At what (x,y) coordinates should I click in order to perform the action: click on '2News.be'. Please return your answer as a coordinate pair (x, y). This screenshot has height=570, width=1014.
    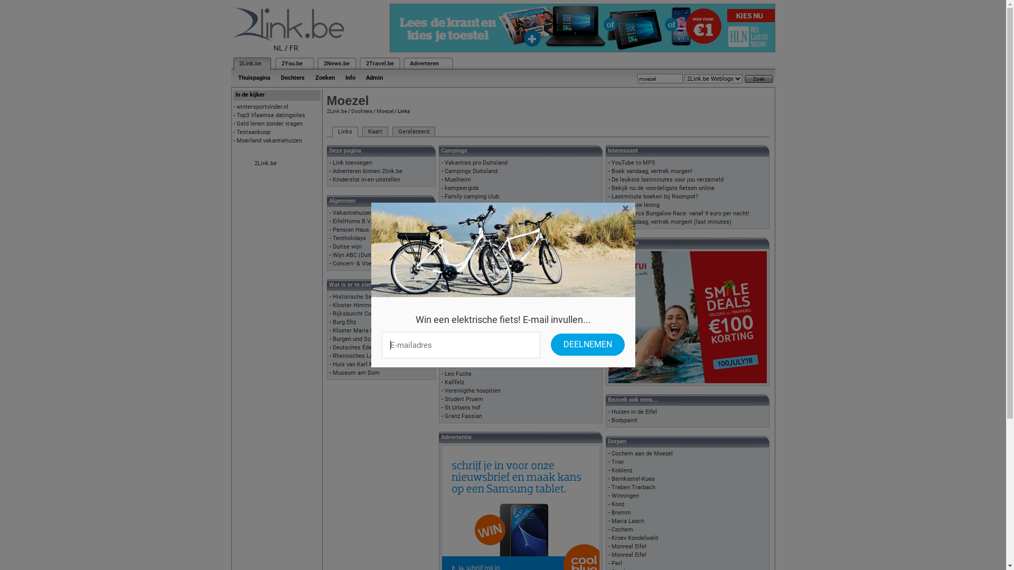
    Looking at the image, I should click on (335, 63).